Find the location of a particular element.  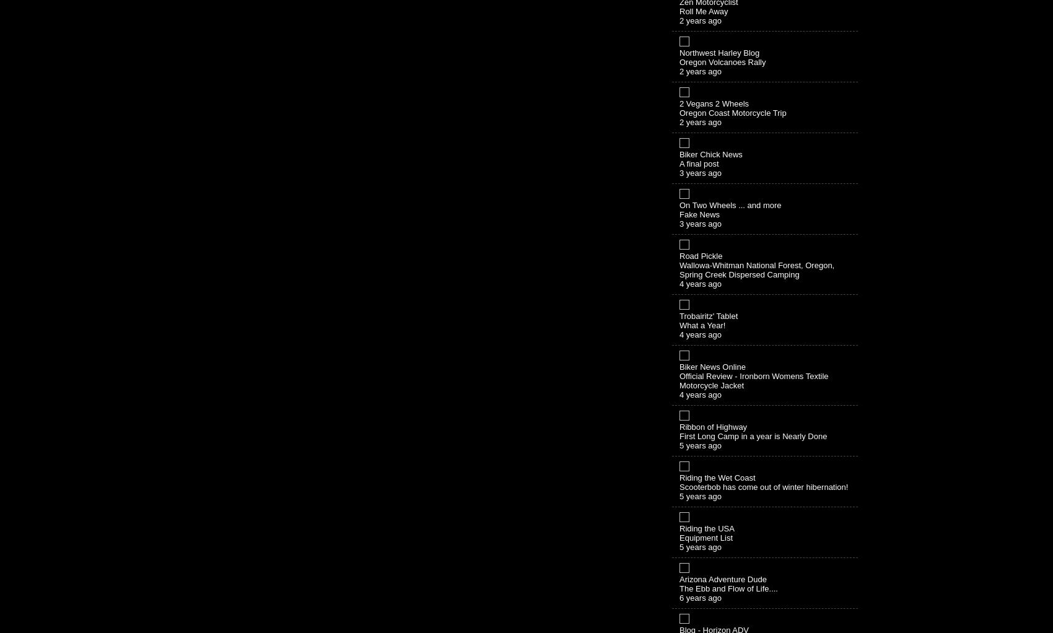

'Riding the USA' is located at coordinates (707, 528).